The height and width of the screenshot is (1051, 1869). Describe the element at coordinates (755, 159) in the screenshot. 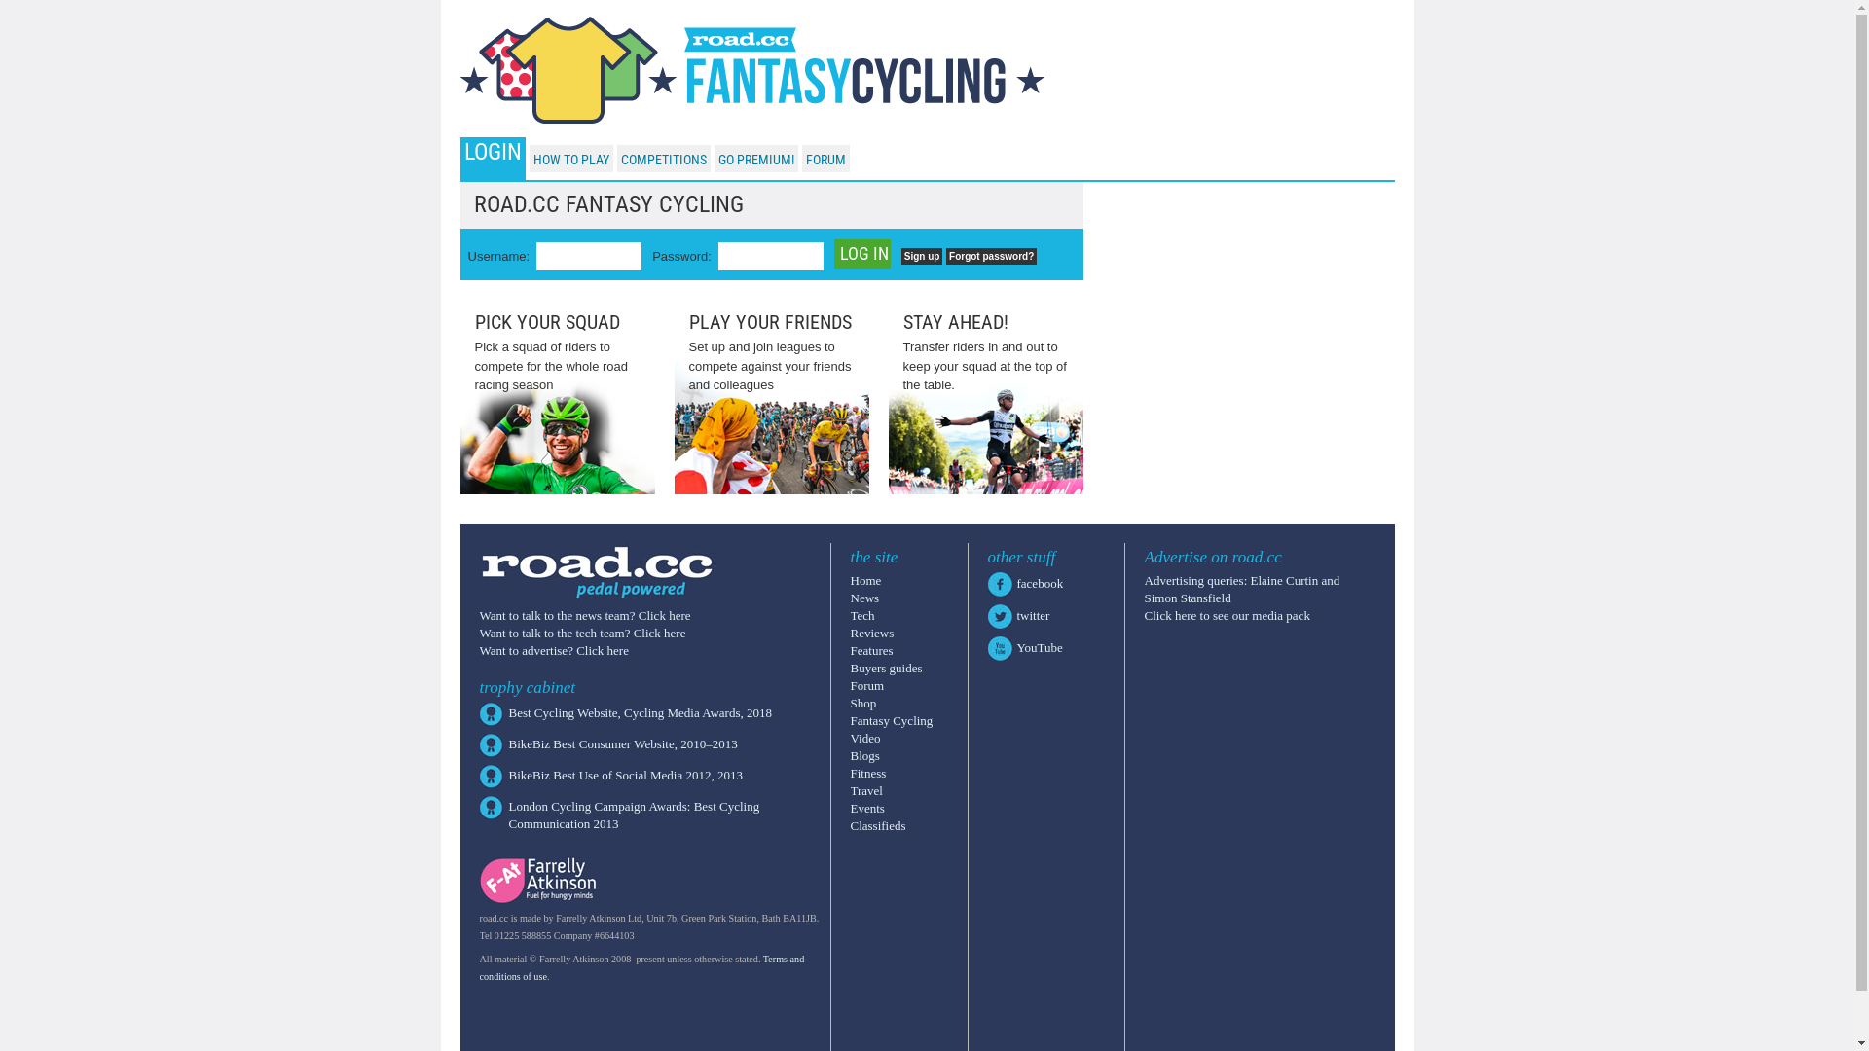

I see `'GO PREMIUM!'` at that location.